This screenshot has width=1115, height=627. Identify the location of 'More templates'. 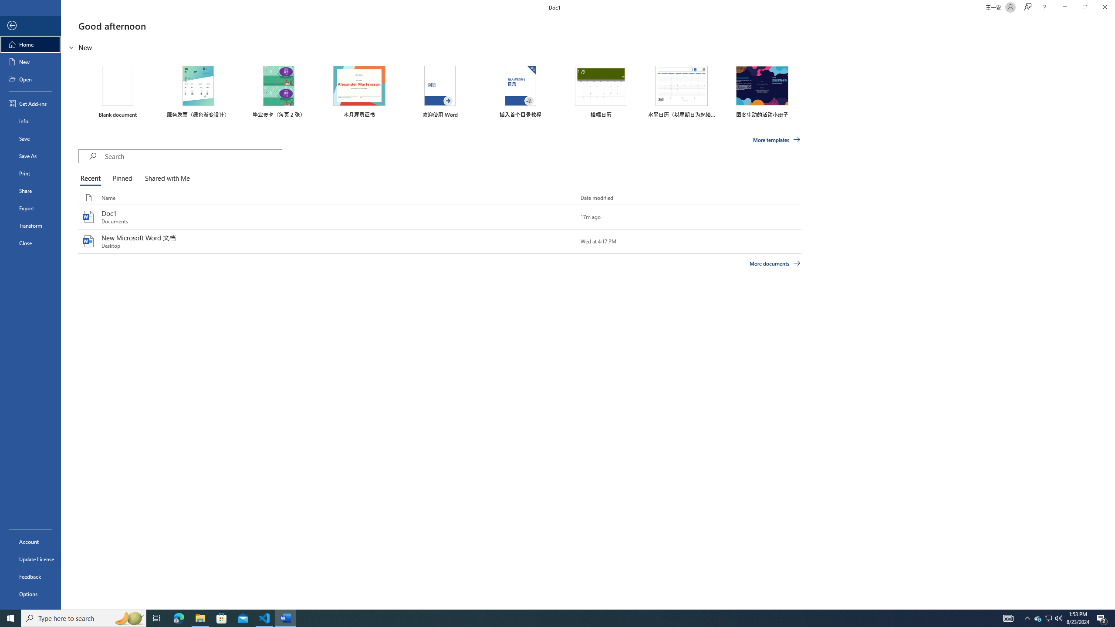
(777, 140).